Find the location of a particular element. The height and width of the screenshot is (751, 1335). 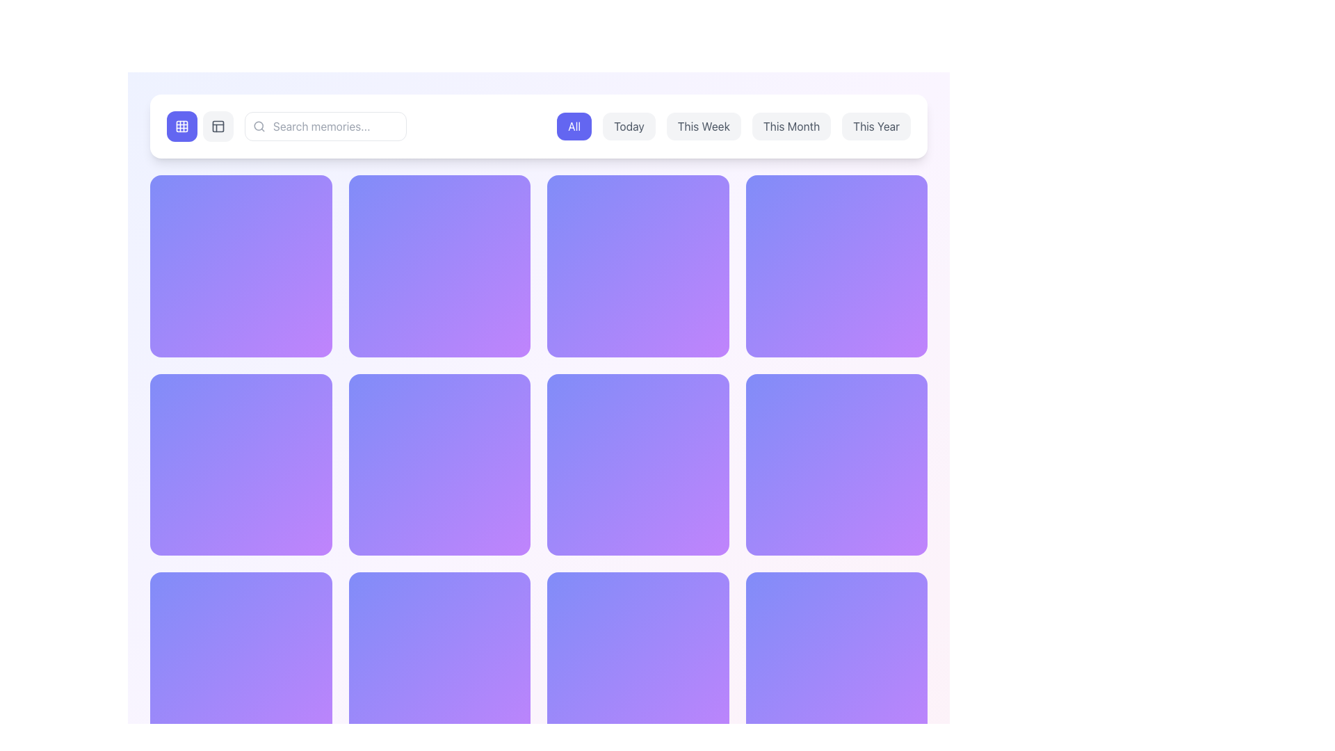

the Decorative card located in the second row, first column of the 4-column grid layout is located at coordinates (241, 465).